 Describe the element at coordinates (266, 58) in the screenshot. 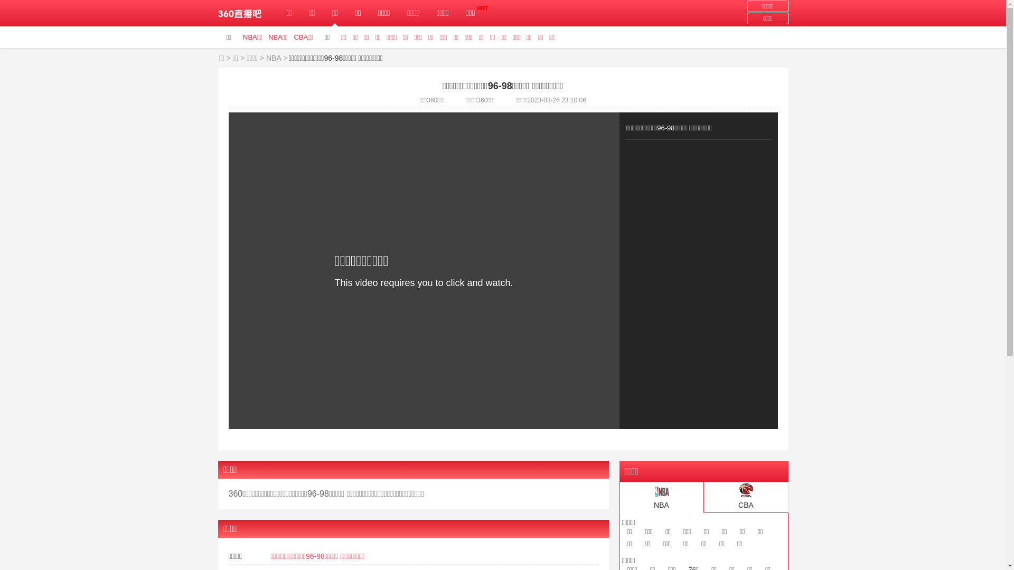

I see `'NBA'` at that location.